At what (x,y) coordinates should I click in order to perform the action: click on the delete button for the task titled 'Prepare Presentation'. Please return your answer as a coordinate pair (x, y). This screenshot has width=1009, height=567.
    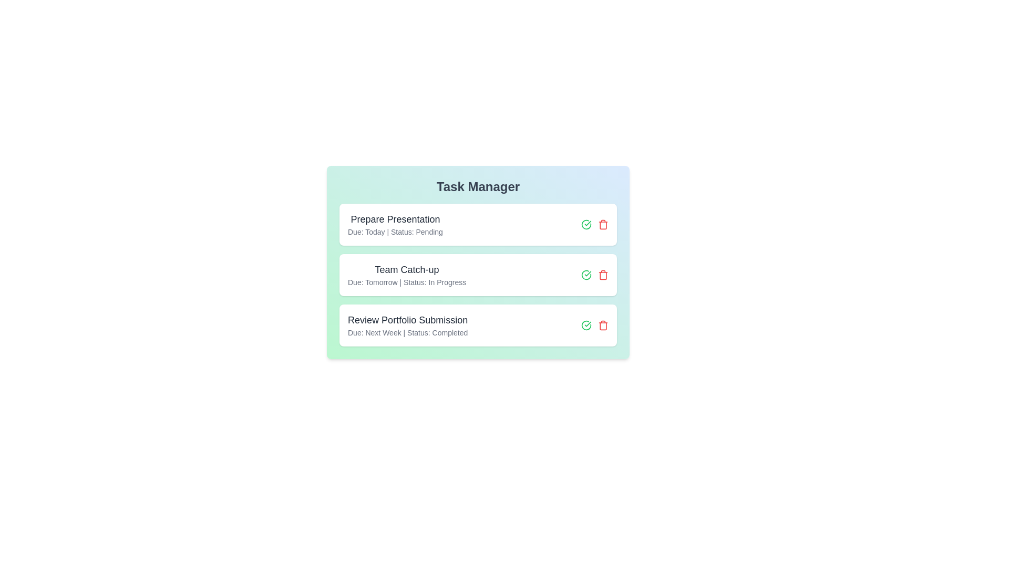
    Looking at the image, I should click on (603, 224).